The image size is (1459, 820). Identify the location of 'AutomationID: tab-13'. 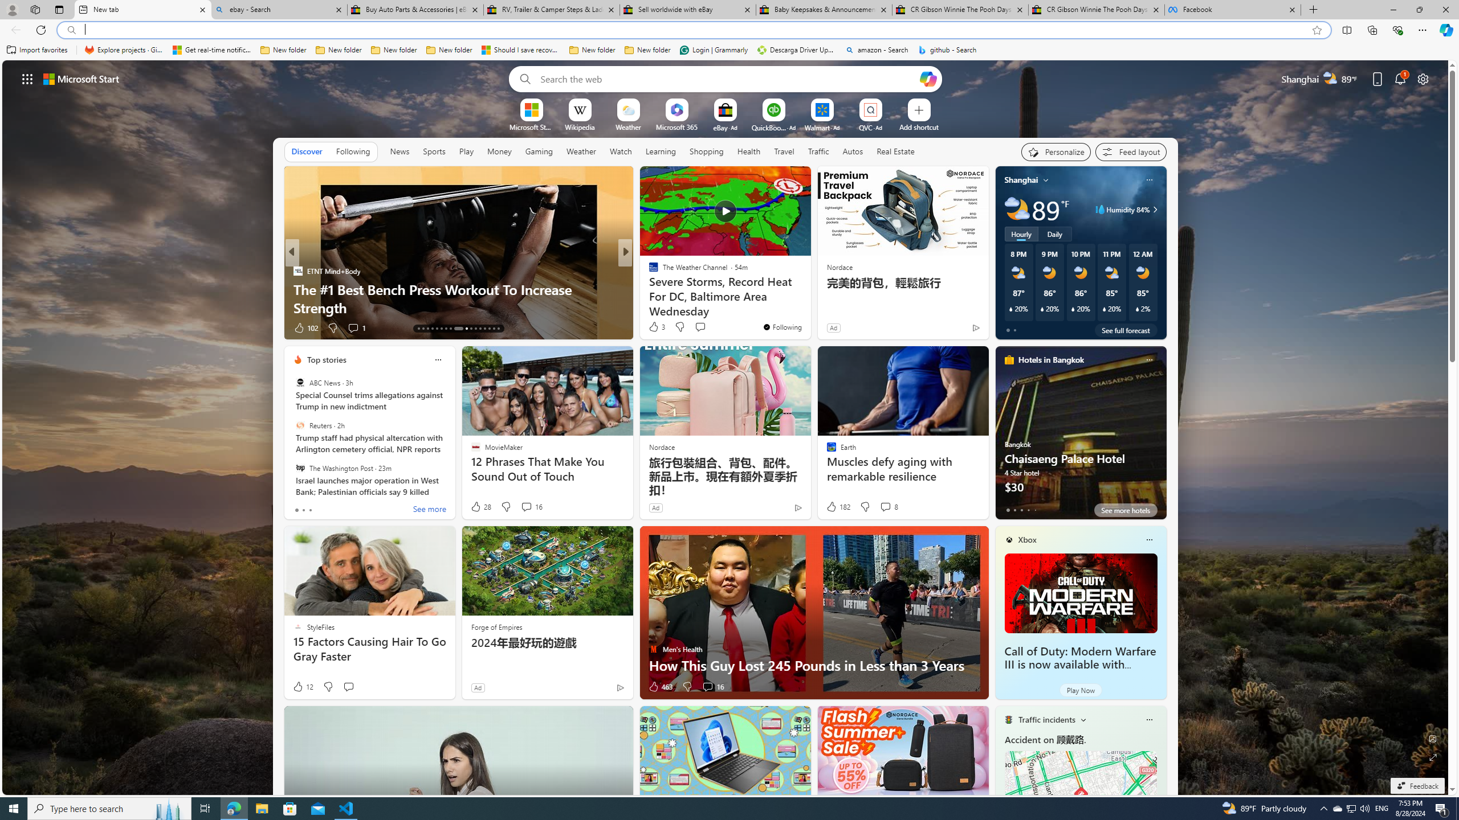
(418, 329).